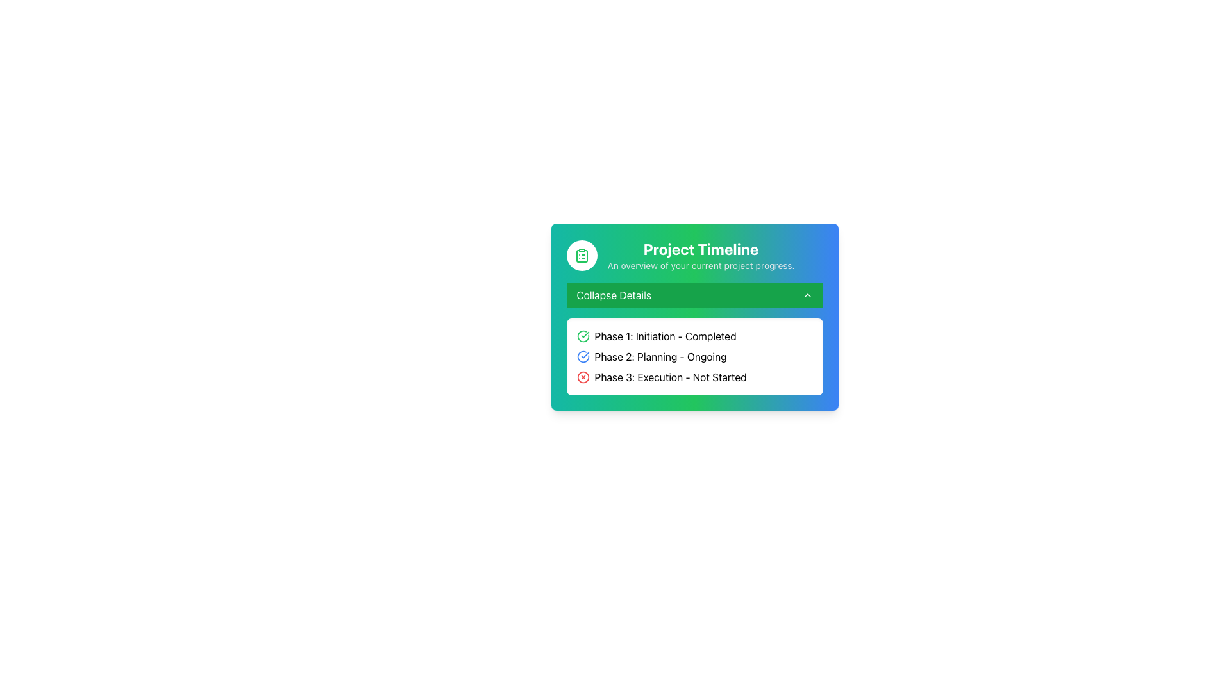 This screenshot has height=692, width=1231. Describe the element at coordinates (694, 356) in the screenshot. I see `text of the Text Label with Icon displaying 'Phase 2: Planning - Ongoing', which is the second item in the vertically arranged list of status elements in the 'Project Timeline' card` at that location.